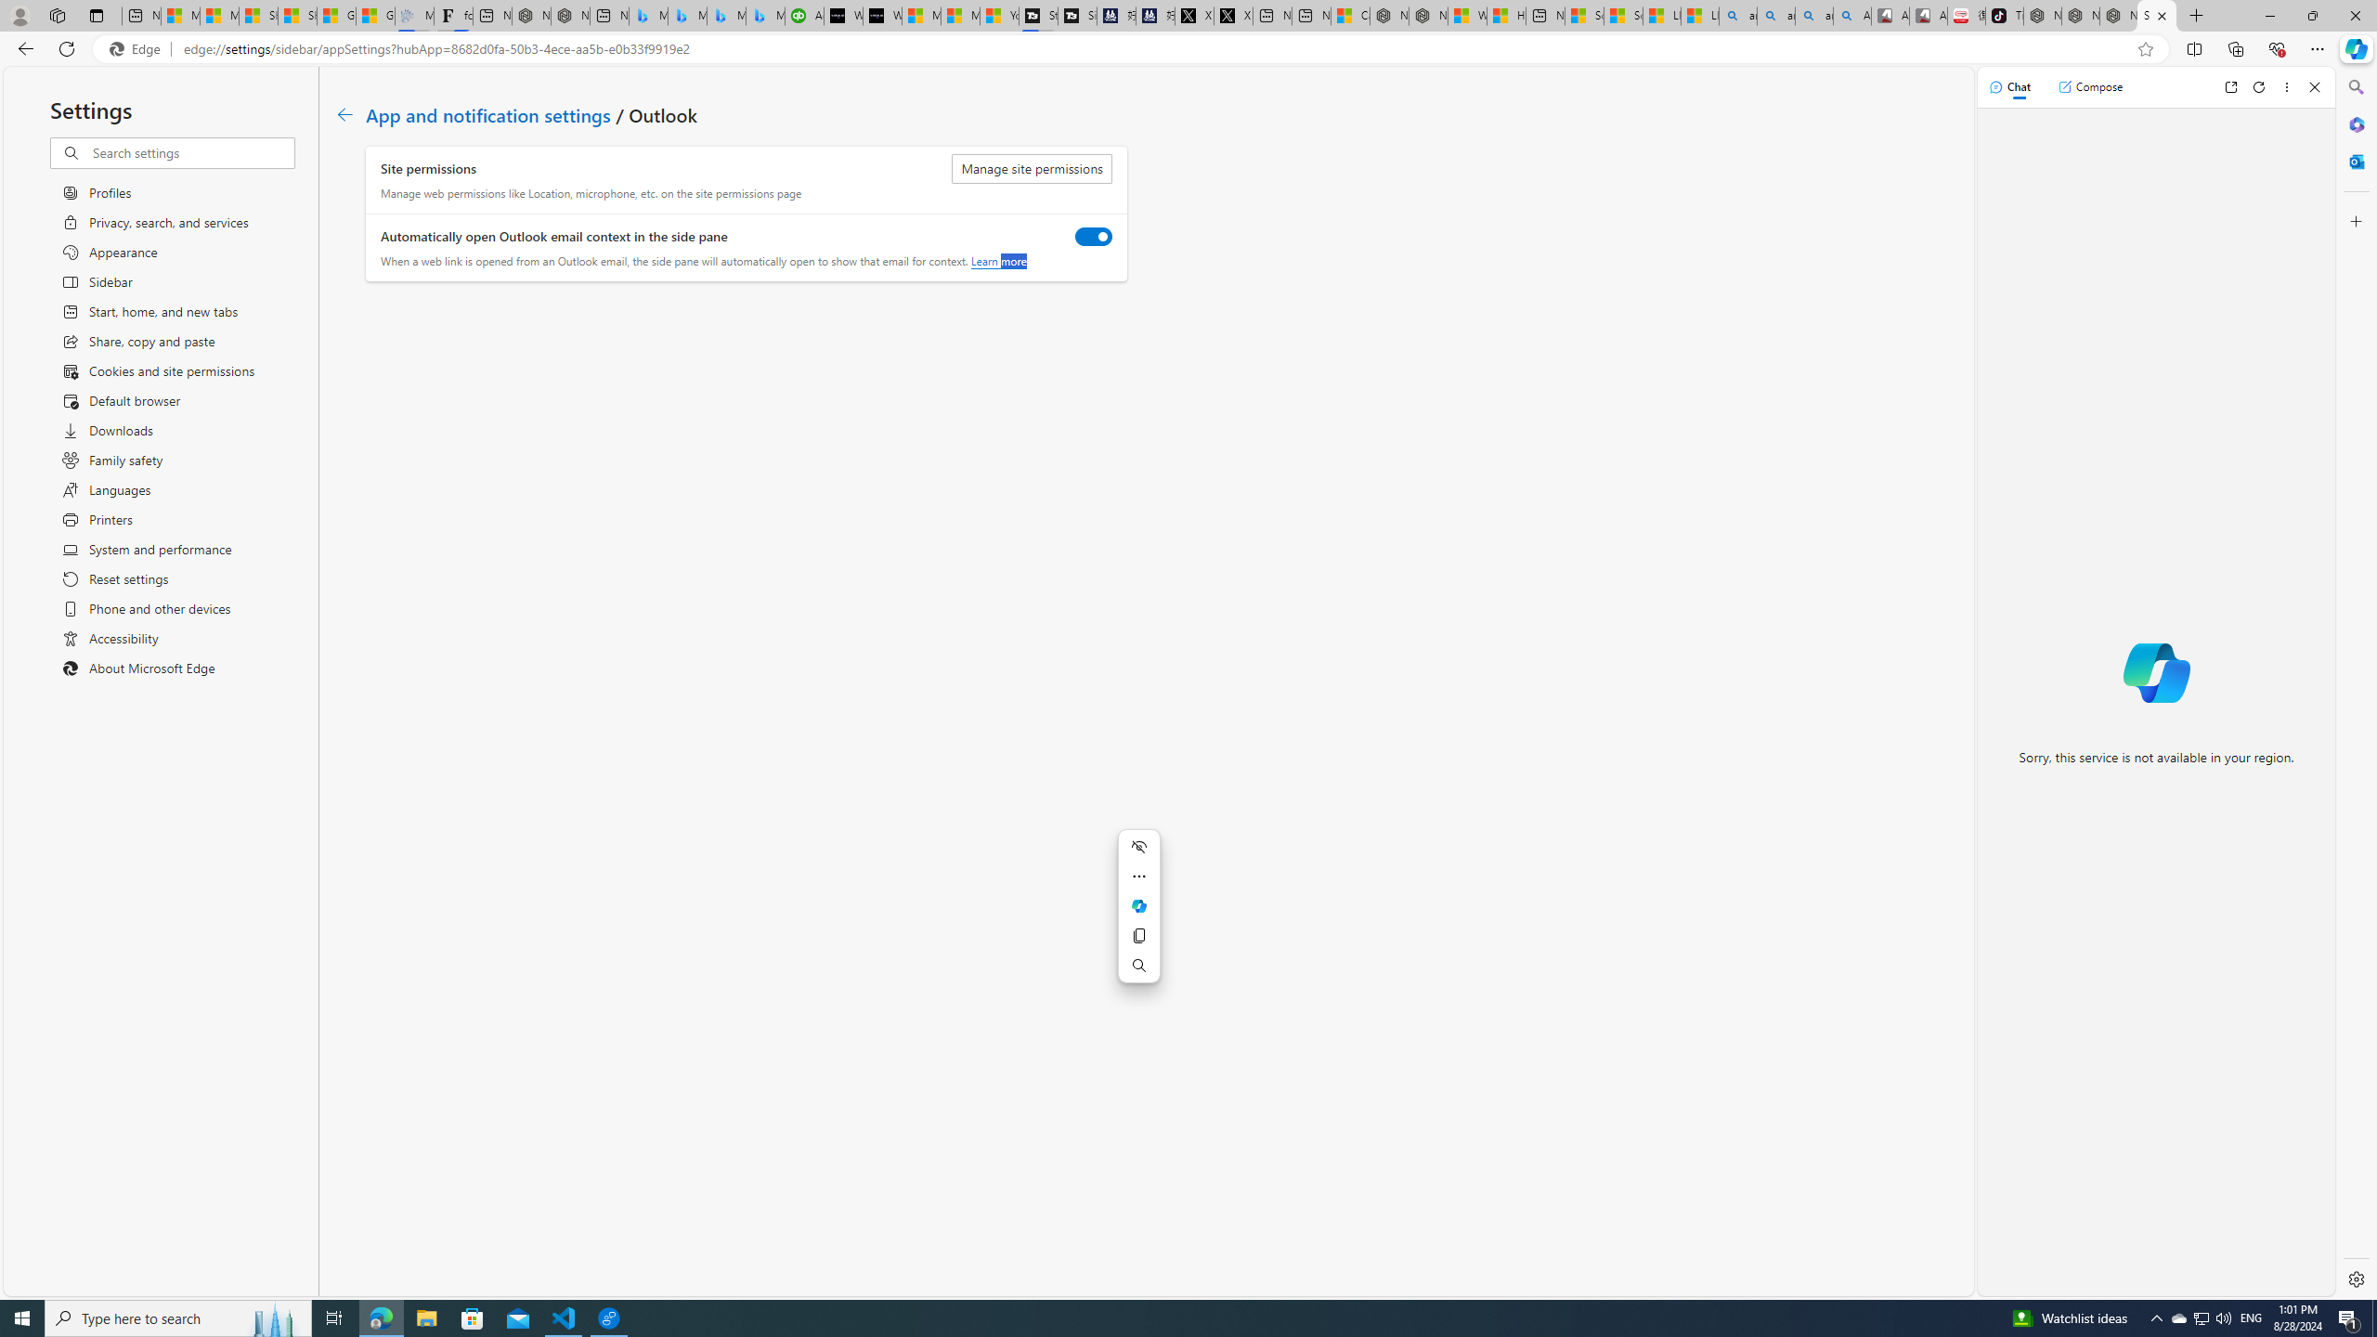 The image size is (2377, 1337). Describe the element at coordinates (487, 113) in the screenshot. I see `'App and notification settings'` at that location.